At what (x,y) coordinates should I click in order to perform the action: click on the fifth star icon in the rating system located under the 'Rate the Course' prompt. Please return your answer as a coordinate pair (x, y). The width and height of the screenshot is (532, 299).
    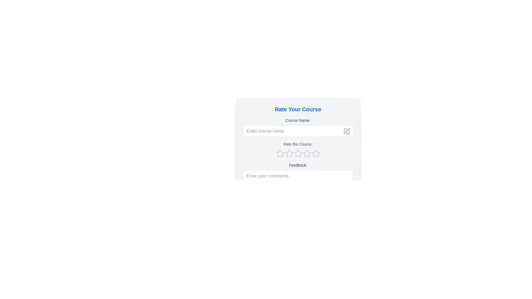
    Looking at the image, I should click on (306, 154).